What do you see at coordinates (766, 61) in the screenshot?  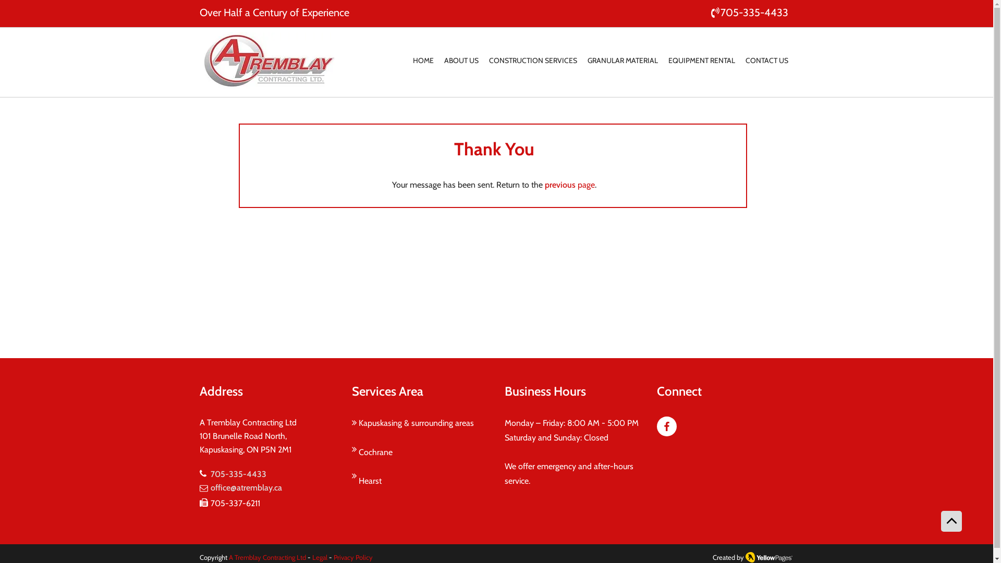 I see `'CONTACT US'` at bounding box center [766, 61].